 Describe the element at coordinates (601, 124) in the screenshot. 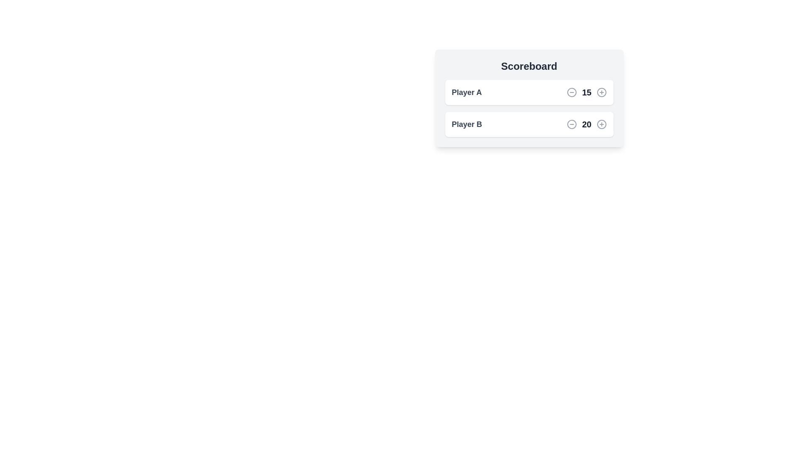

I see `the circular button with a plus sign inside it, located to the right of the bold number '20' in the Player B section of the scoreboard interface to change its color to green` at that location.